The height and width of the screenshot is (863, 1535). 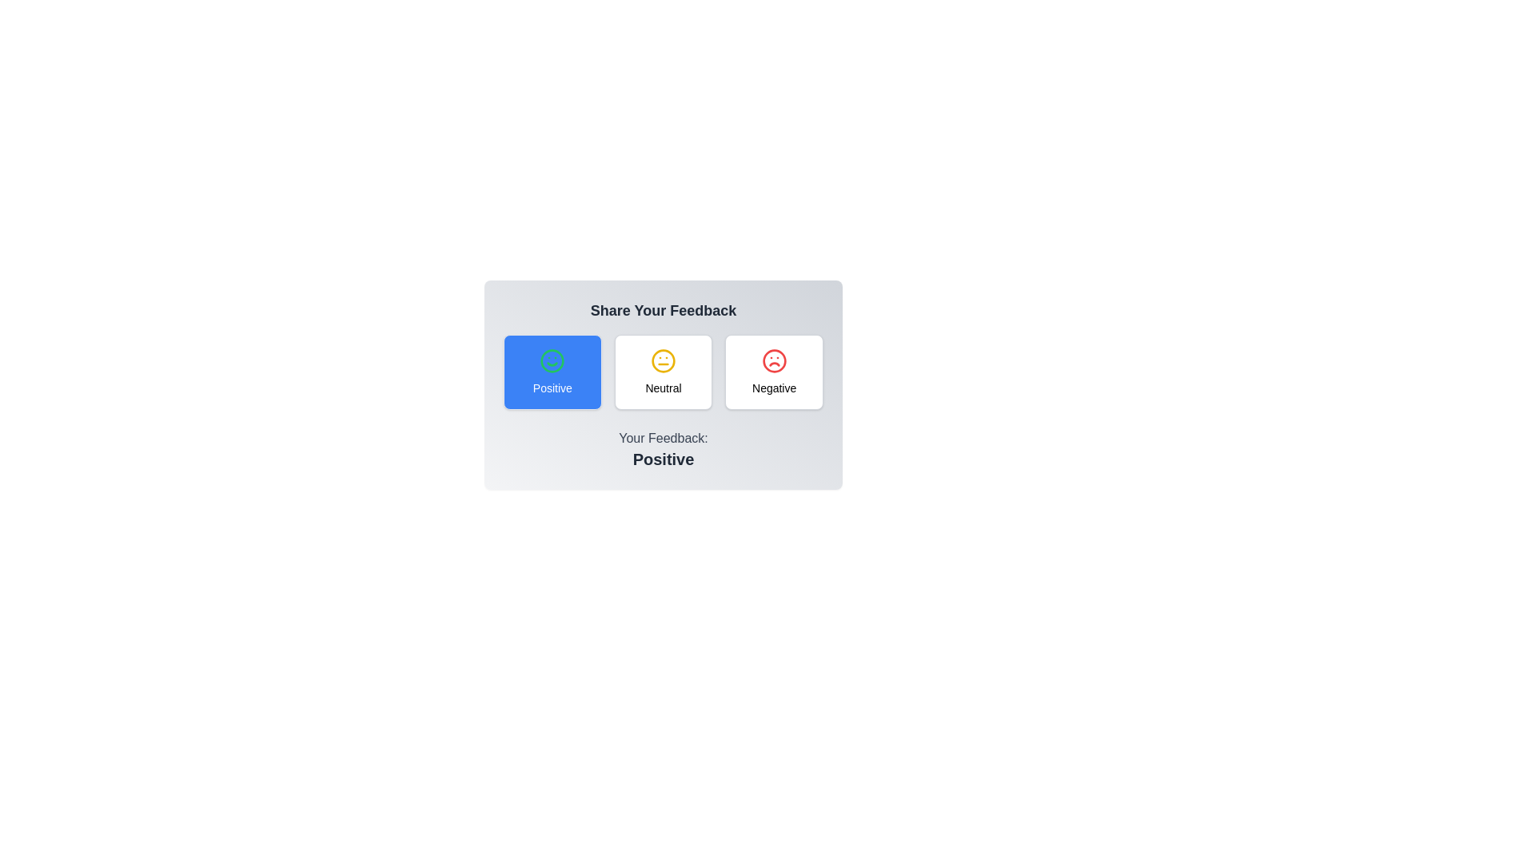 I want to click on the feedback option Neutral, so click(x=664, y=372).